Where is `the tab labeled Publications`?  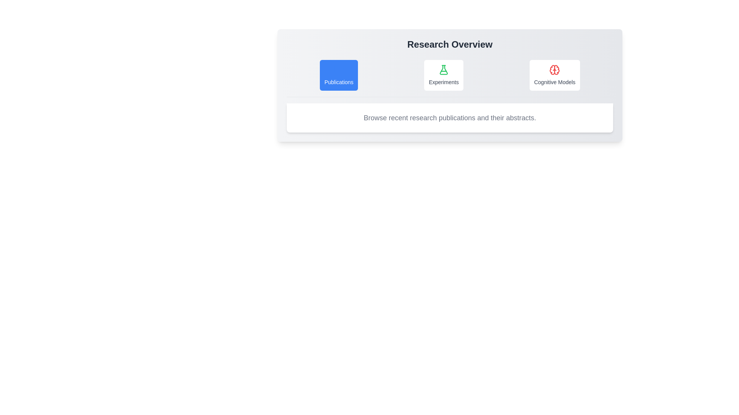 the tab labeled Publications is located at coordinates (339, 75).